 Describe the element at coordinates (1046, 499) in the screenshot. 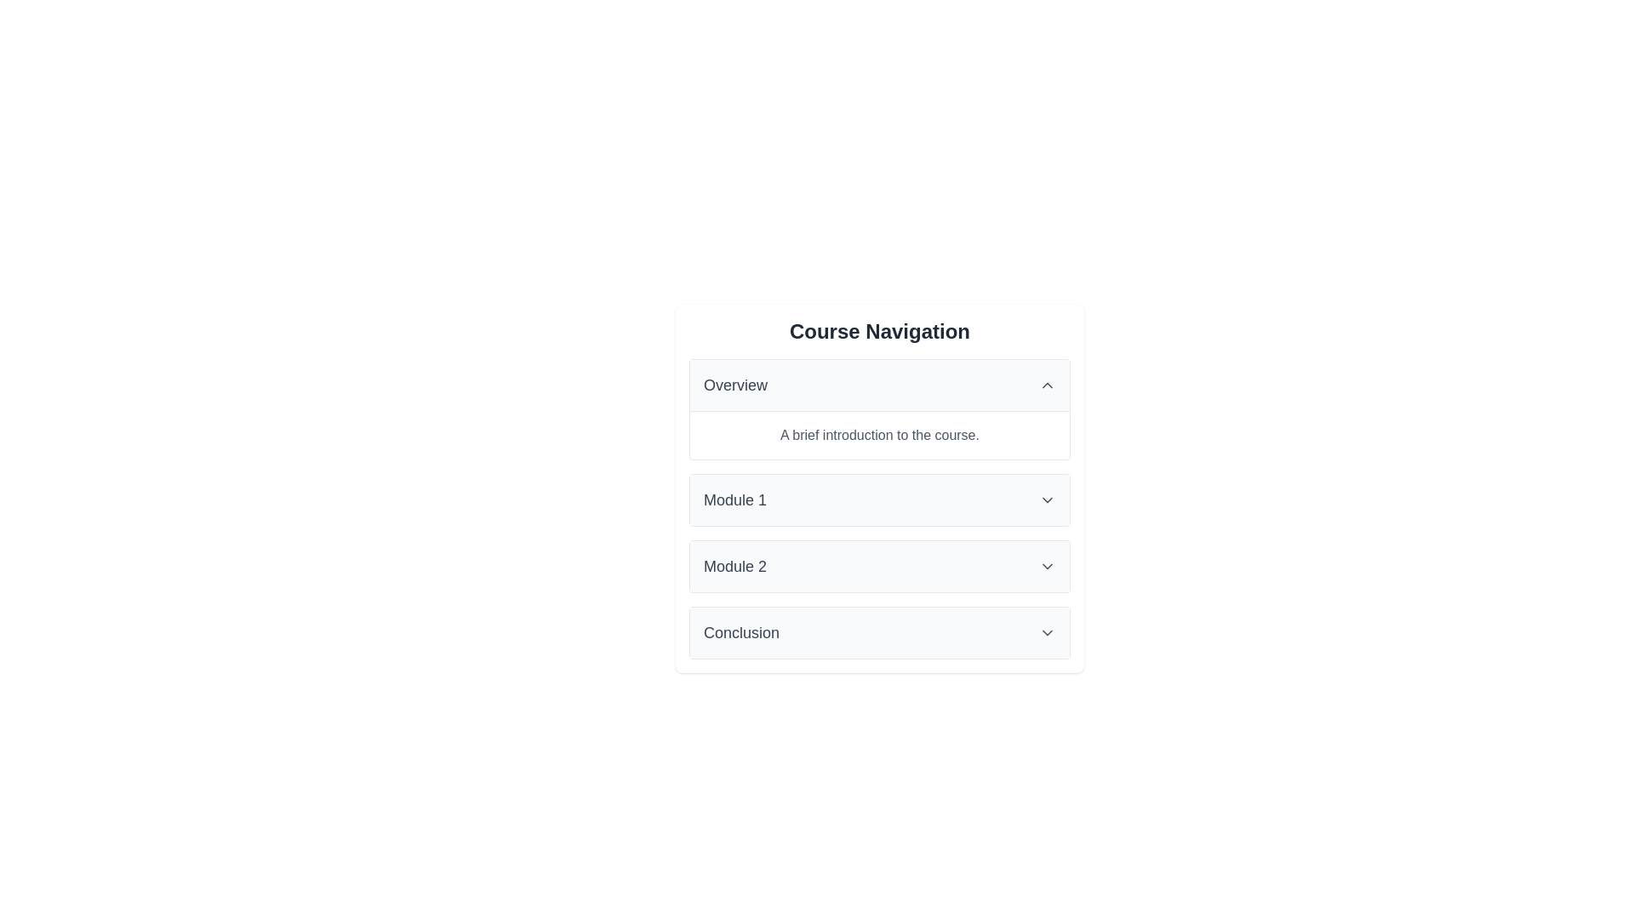

I see `the downward-facing gray chevron icon located to the right of the text 'Module 1'` at that location.